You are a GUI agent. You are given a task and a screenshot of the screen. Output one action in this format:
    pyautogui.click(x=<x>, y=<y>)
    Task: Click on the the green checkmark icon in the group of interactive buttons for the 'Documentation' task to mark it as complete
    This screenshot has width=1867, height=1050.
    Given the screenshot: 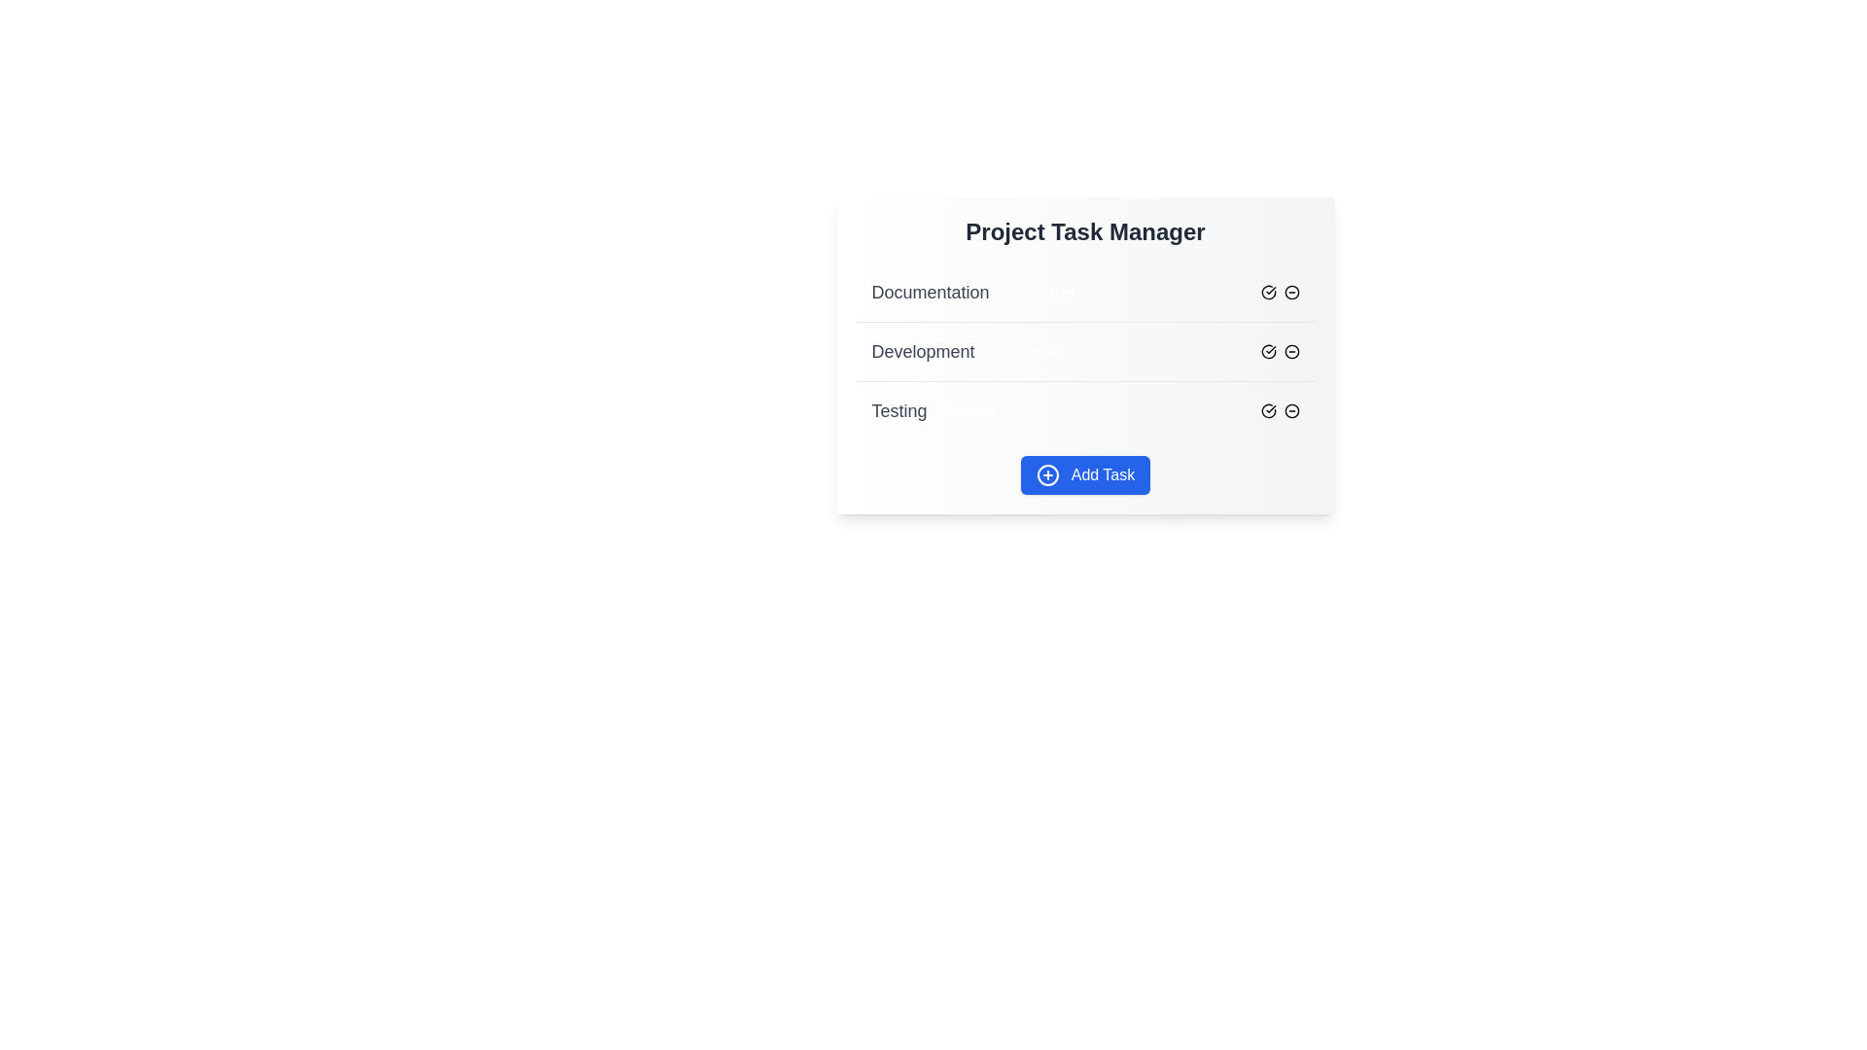 What is the action you would take?
    pyautogui.click(x=1280, y=292)
    